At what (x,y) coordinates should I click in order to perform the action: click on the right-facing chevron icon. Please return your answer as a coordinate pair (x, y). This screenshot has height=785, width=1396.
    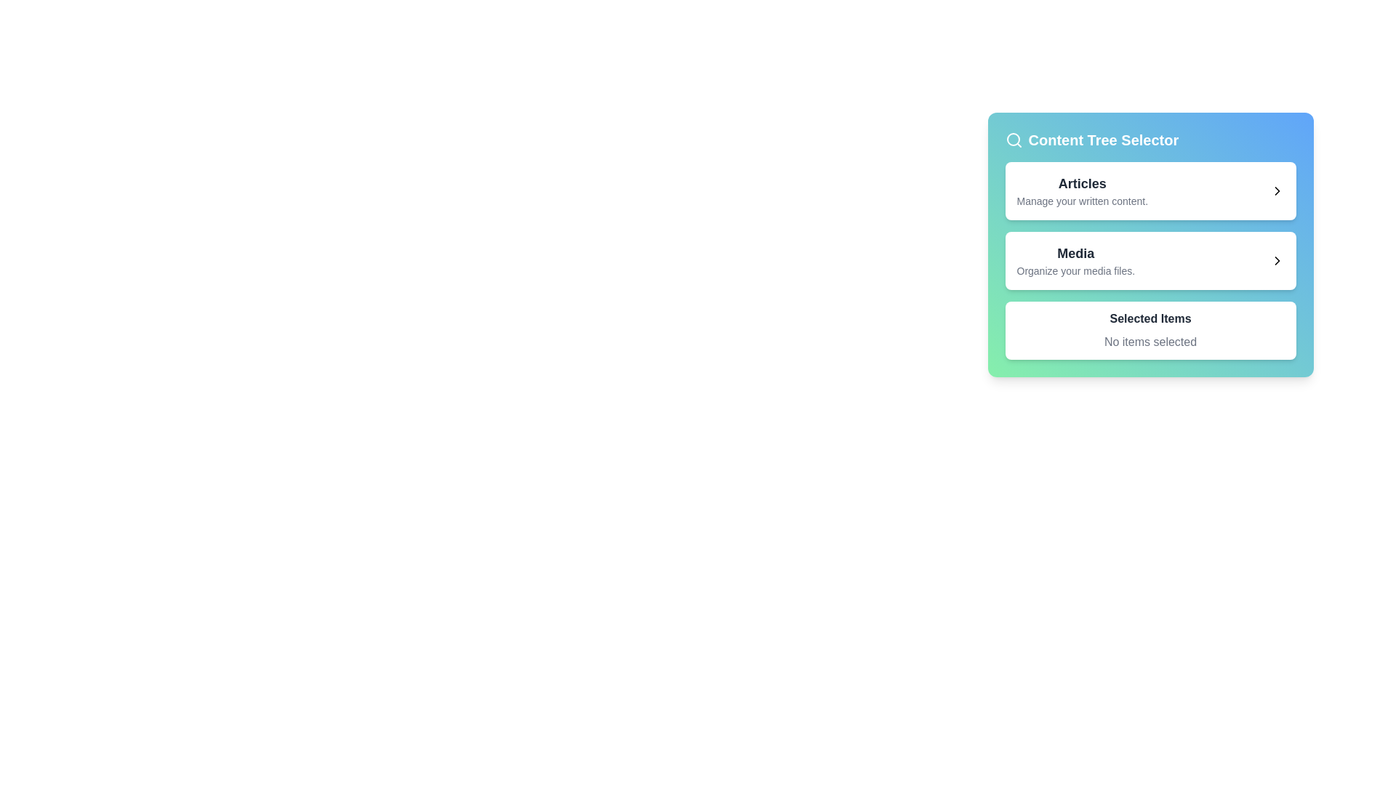
    Looking at the image, I should click on (1276, 259).